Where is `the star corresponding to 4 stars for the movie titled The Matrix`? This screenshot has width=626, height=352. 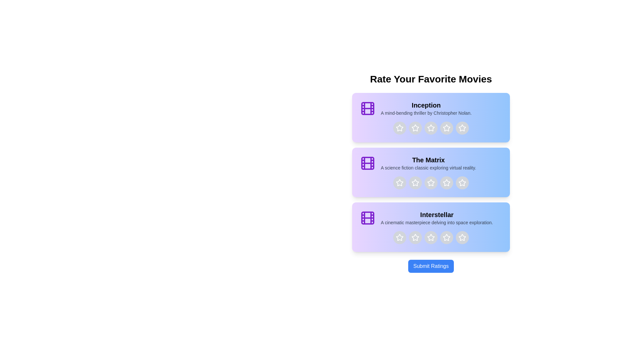
the star corresponding to 4 stars for the movie titled The Matrix is located at coordinates (446, 183).